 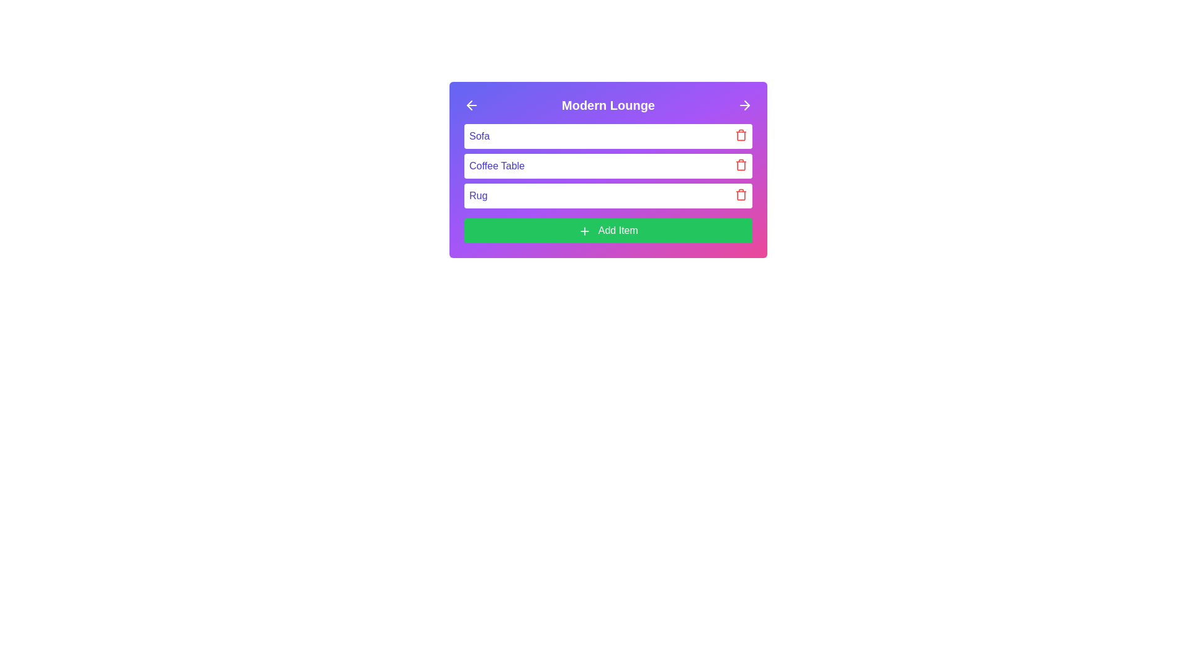 What do you see at coordinates (471, 104) in the screenshot?
I see `the leftwards arrow navigation button located in the purple header of 'Modern Lounge'` at bounding box center [471, 104].